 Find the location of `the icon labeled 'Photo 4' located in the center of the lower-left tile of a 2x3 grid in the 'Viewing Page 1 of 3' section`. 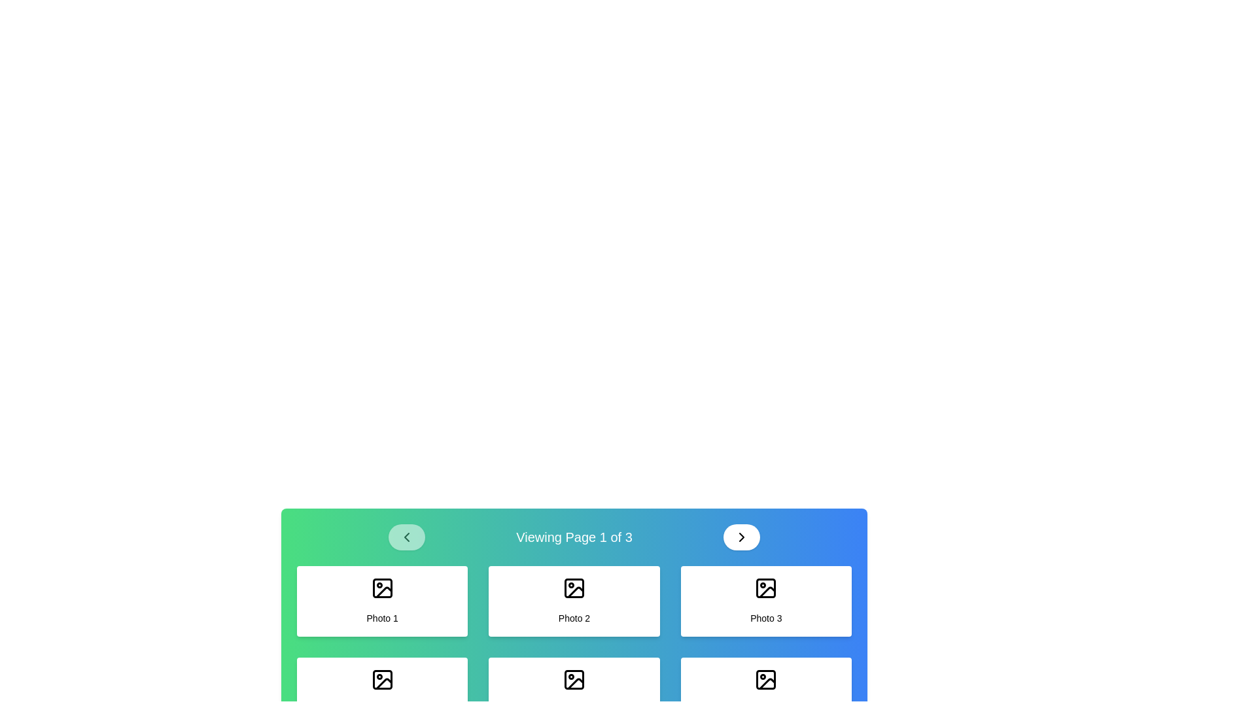

the icon labeled 'Photo 4' located in the center of the lower-left tile of a 2x3 grid in the 'Viewing Page 1 of 3' section is located at coordinates (381, 679).